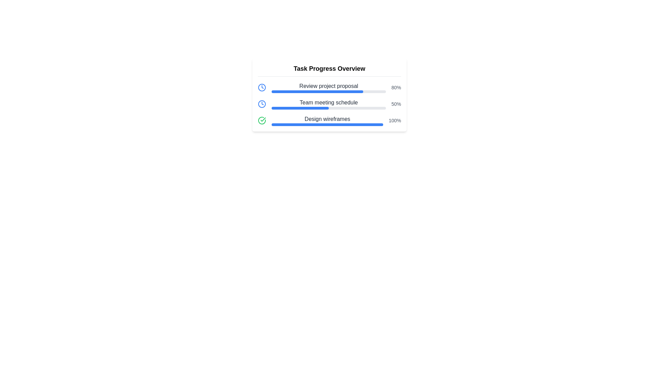 This screenshot has height=371, width=661. Describe the element at coordinates (396, 87) in the screenshot. I see `text label displaying '80%' located to the far right of the progress bar associated with the 'Review project proposal' entry` at that location.